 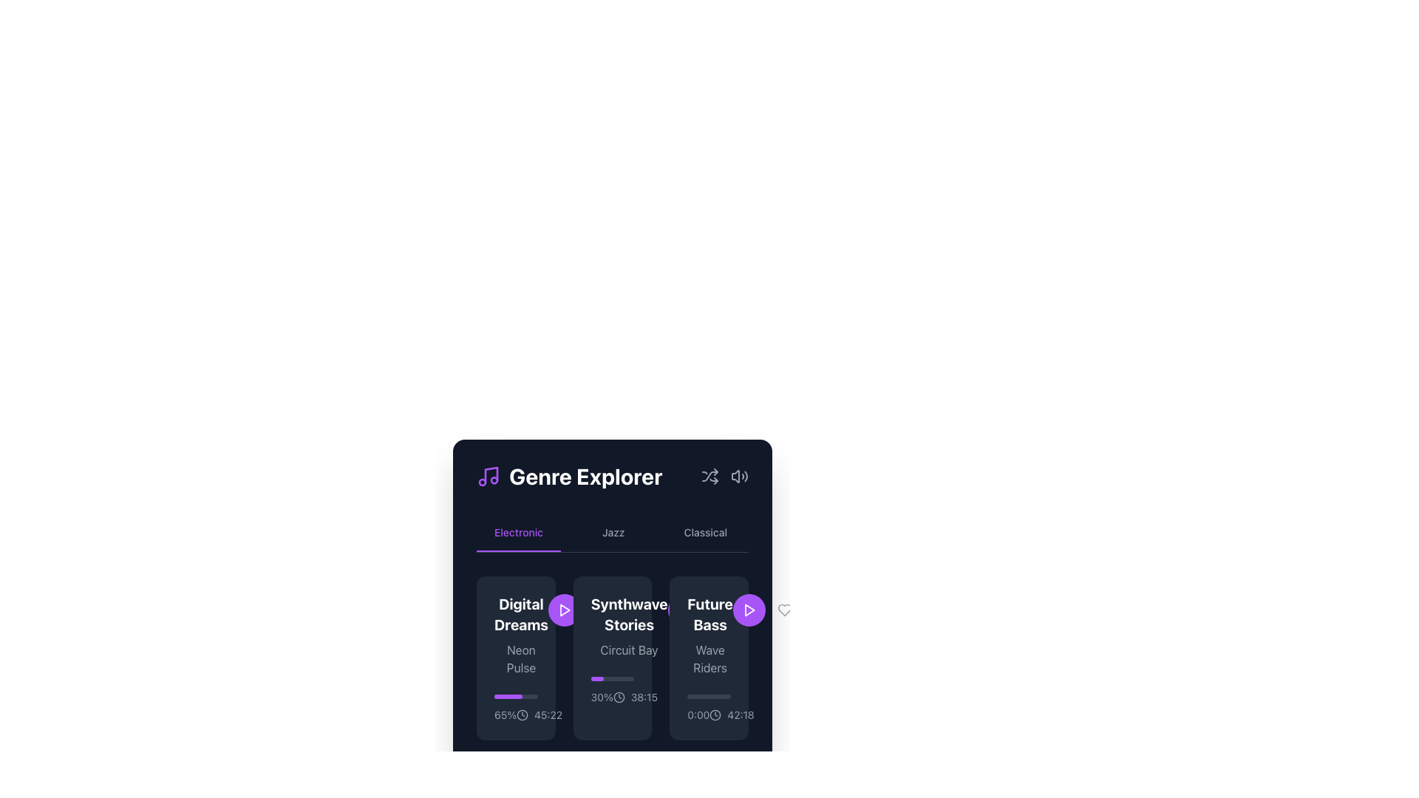 What do you see at coordinates (708, 696) in the screenshot?
I see `the progress bar representing the playback progress of the 'Future Bass' track, located directly underneath the title 'Wave Riders.'` at bounding box center [708, 696].